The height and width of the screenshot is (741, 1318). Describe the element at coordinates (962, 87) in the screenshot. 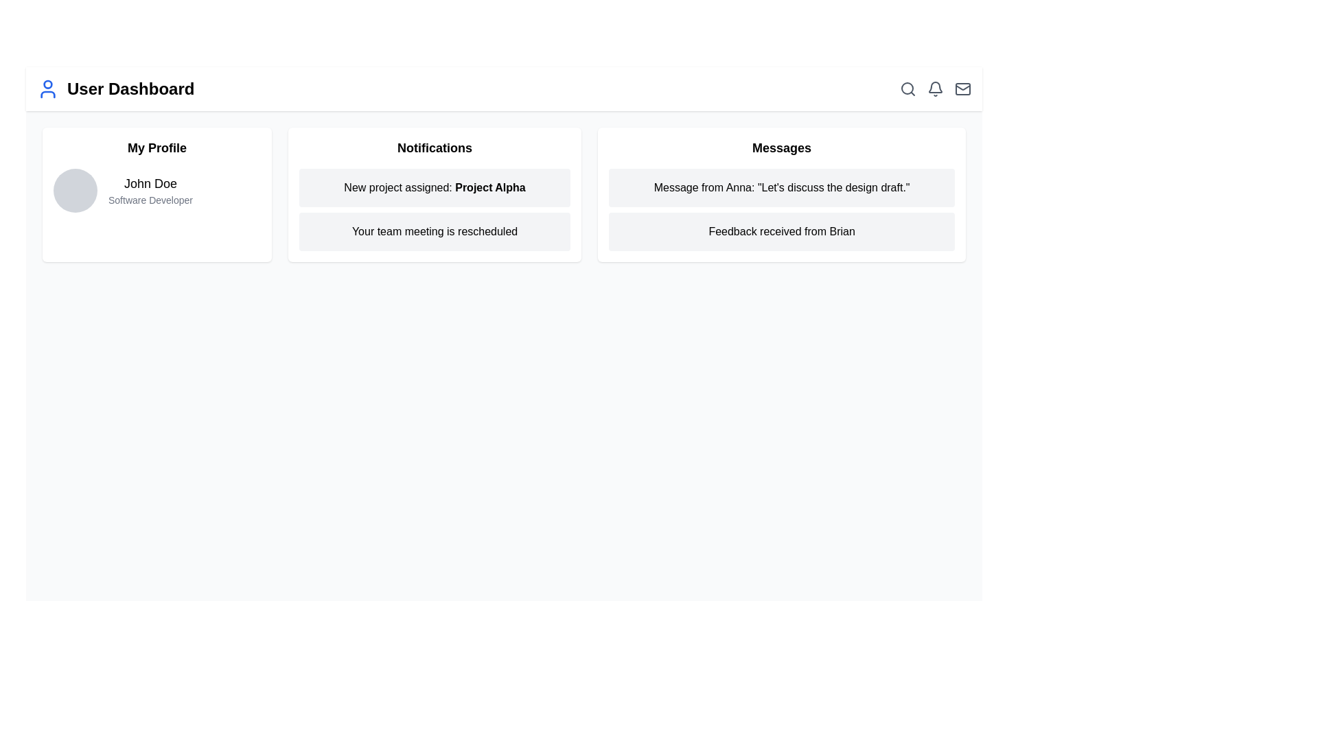

I see `the envelope icon located in the upper right corner of the user interface, next to the bell icon and above the flag icon, to interact with it` at that location.